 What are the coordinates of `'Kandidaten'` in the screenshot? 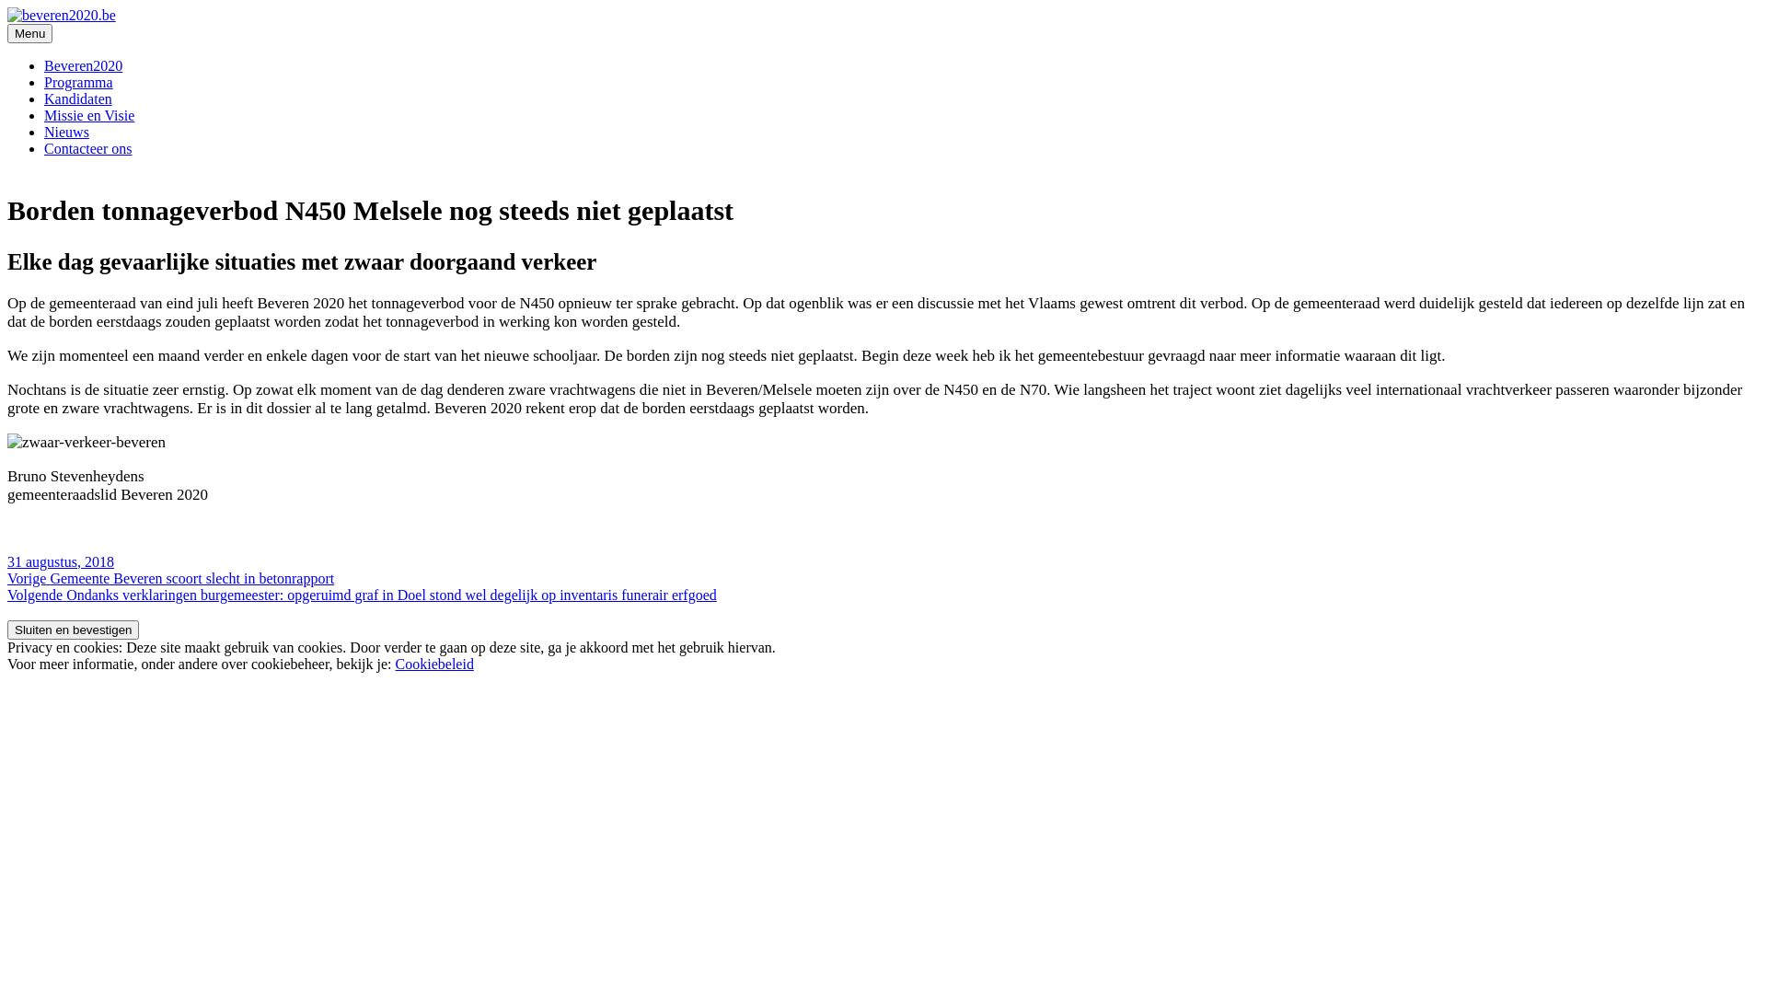 It's located at (77, 98).